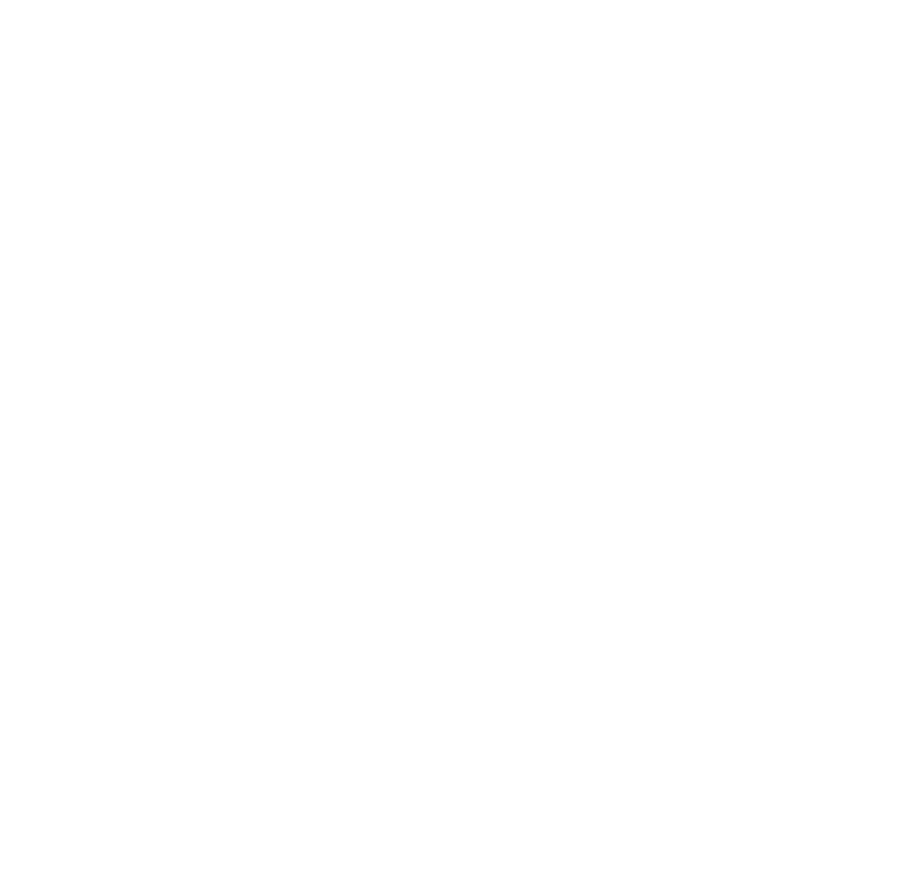 This screenshot has height=873, width=921. Describe the element at coordinates (390, 456) in the screenshot. I see `'in Washington, D.C.,'` at that location.